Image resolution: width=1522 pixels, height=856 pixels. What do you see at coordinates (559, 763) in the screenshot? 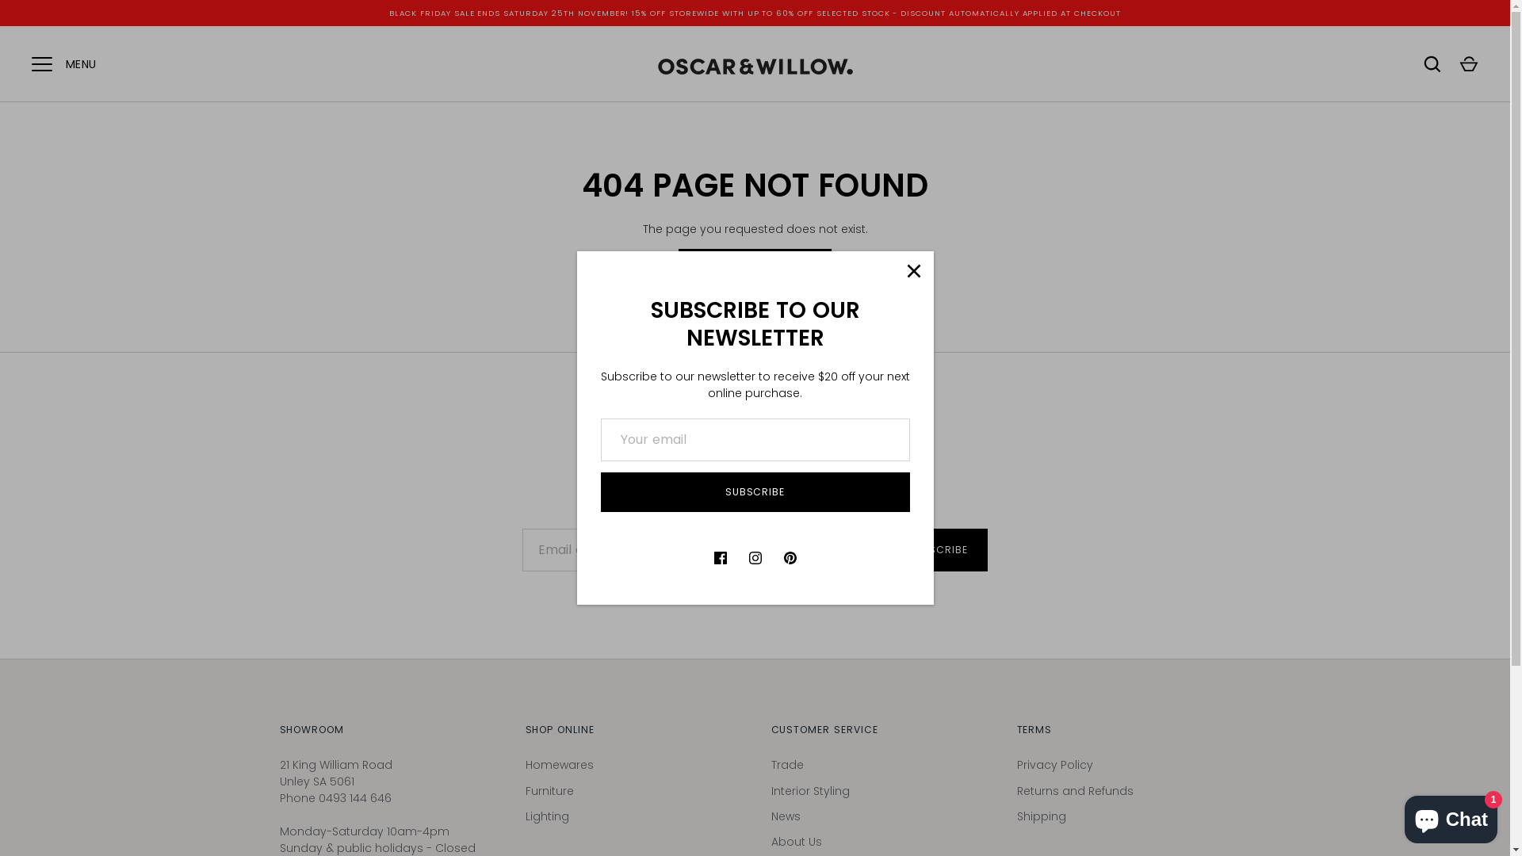
I see `'Homewares'` at bounding box center [559, 763].